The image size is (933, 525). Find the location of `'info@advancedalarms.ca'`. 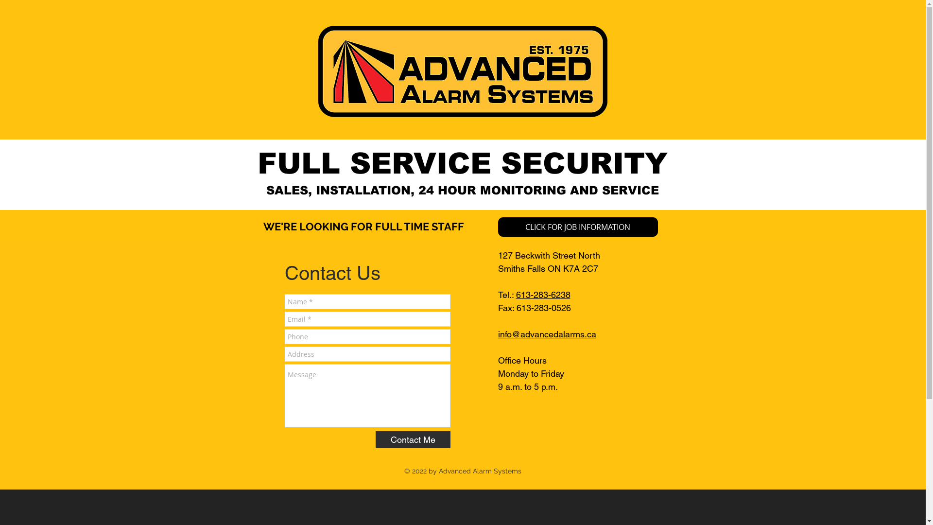

'info@advancedalarms.ca' is located at coordinates (546, 333).